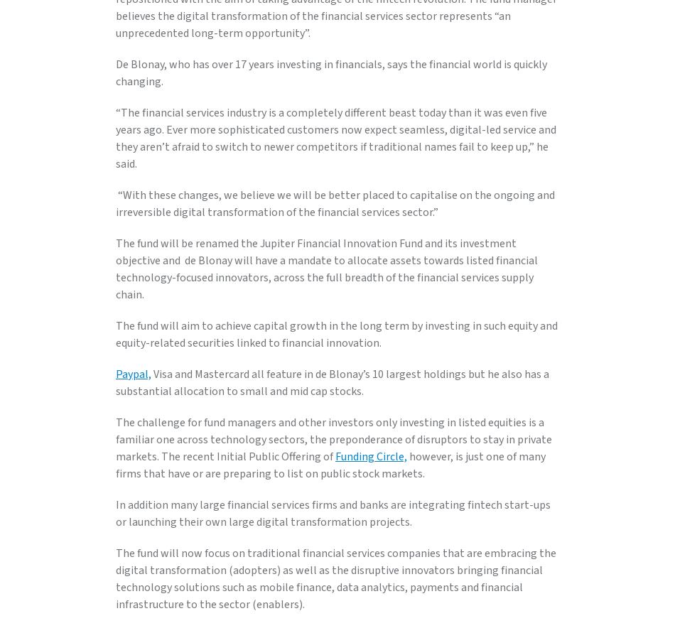 Image resolution: width=675 pixels, height=638 pixels. Describe the element at coordinates (149, 11) in the screenshot. I see `'Amelia Isaacs'` at that location.